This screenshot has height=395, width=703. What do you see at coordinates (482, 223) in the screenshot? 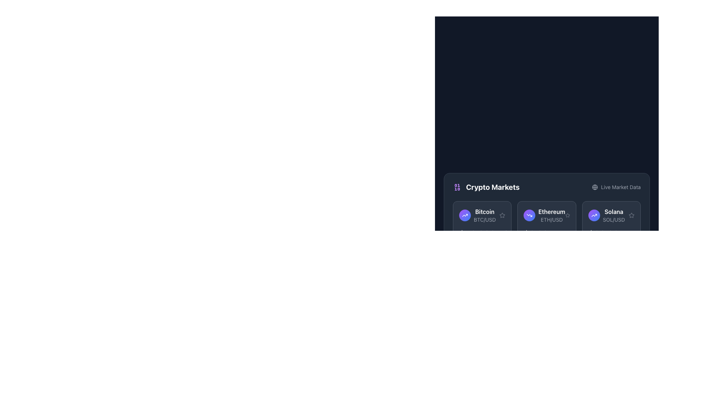
I see `the Bitcoin Card Component in the Crypto Markets section` at bounding box center [482, 223].